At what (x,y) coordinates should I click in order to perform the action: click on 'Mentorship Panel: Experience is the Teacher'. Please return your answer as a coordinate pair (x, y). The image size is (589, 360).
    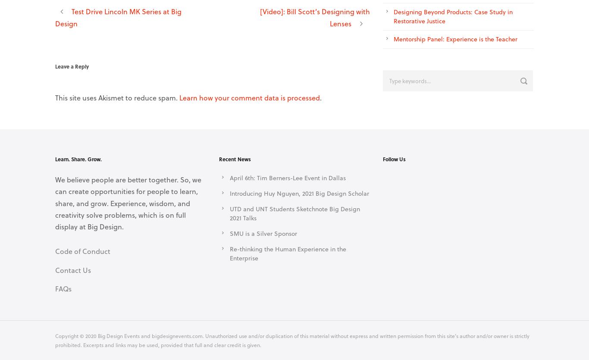
    Looking at the image, I should click on (455, 38).